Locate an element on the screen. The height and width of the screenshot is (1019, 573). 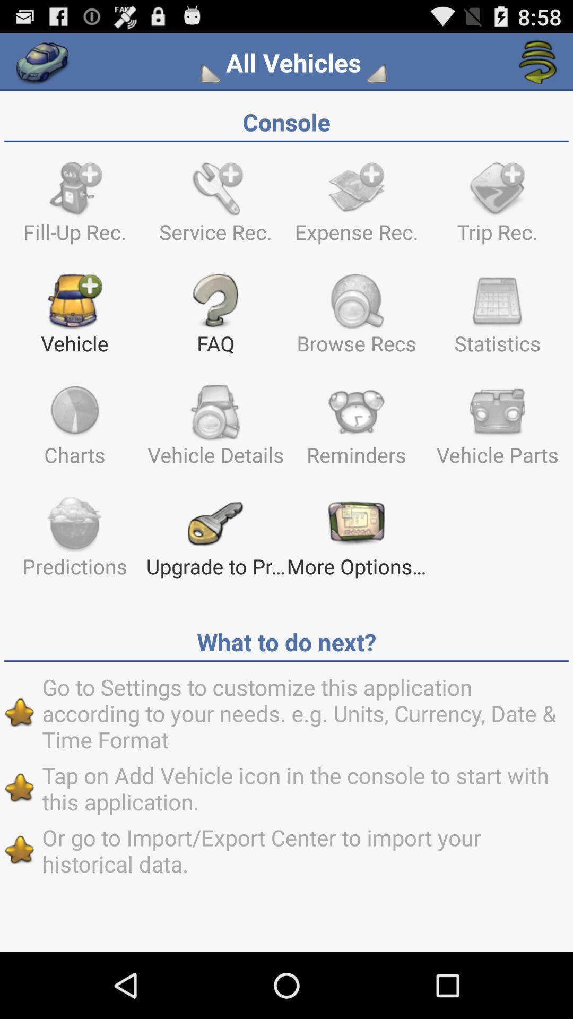
the edit icon is located at coordinates (374, 78).